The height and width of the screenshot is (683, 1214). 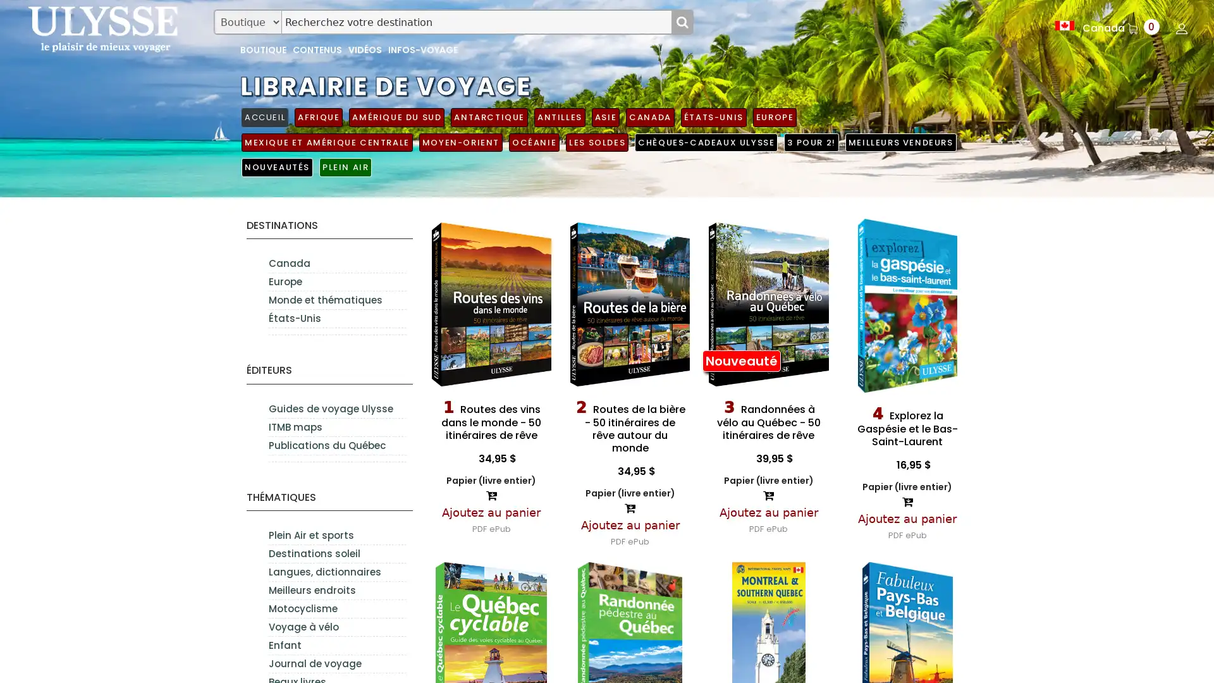 What do you see at coordinates (649, 117) in the screenshot?
I see `CANADA` at bounding box center [649, 117].